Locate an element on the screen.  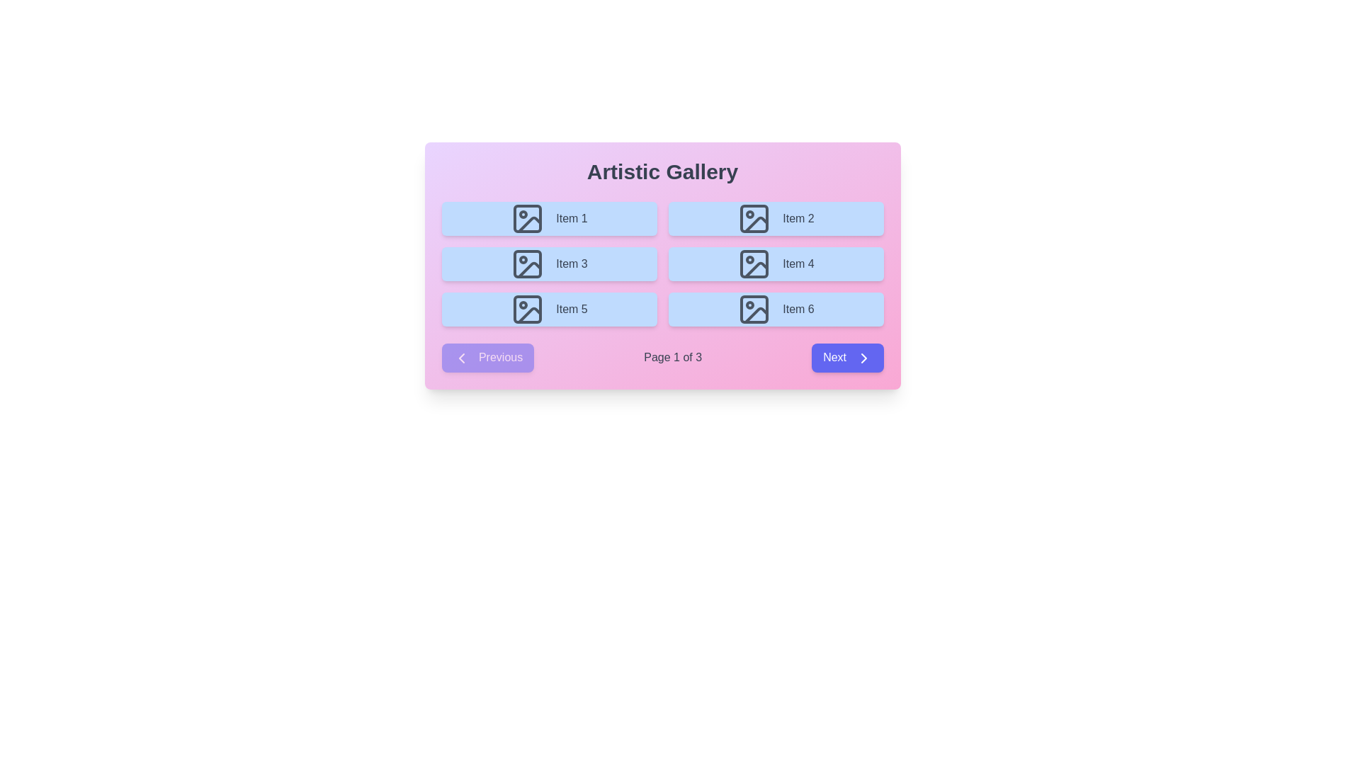
visual properties of the first image icon in the 'Artistic Gallery' component, located above the label 'Item 1' is located at coordinates (527, 218).